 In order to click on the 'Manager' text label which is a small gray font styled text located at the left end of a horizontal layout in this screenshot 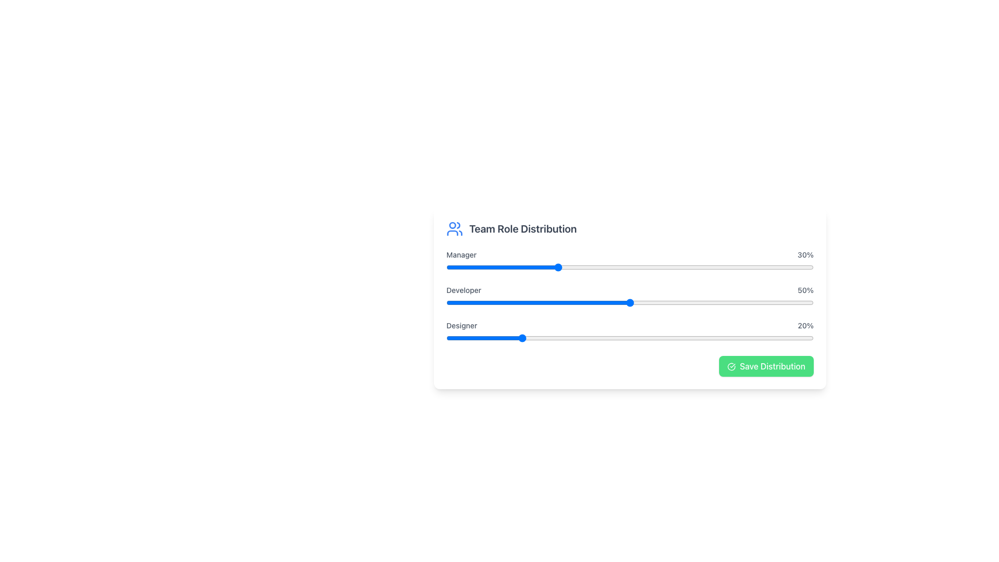, I will do `click(461, 254)`.